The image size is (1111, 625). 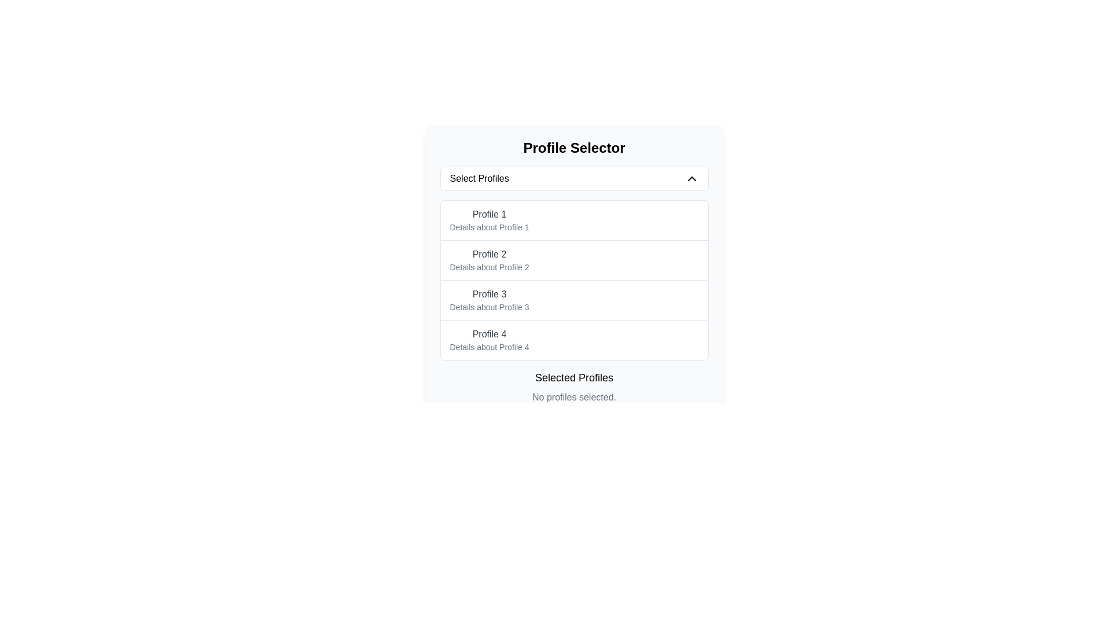 What do you see at coordinates (574, 271) in the screenshot?
I see `the second item in the vertical list of profiles within the 'Profile Selector' modal` at bounding box center [574, 271].